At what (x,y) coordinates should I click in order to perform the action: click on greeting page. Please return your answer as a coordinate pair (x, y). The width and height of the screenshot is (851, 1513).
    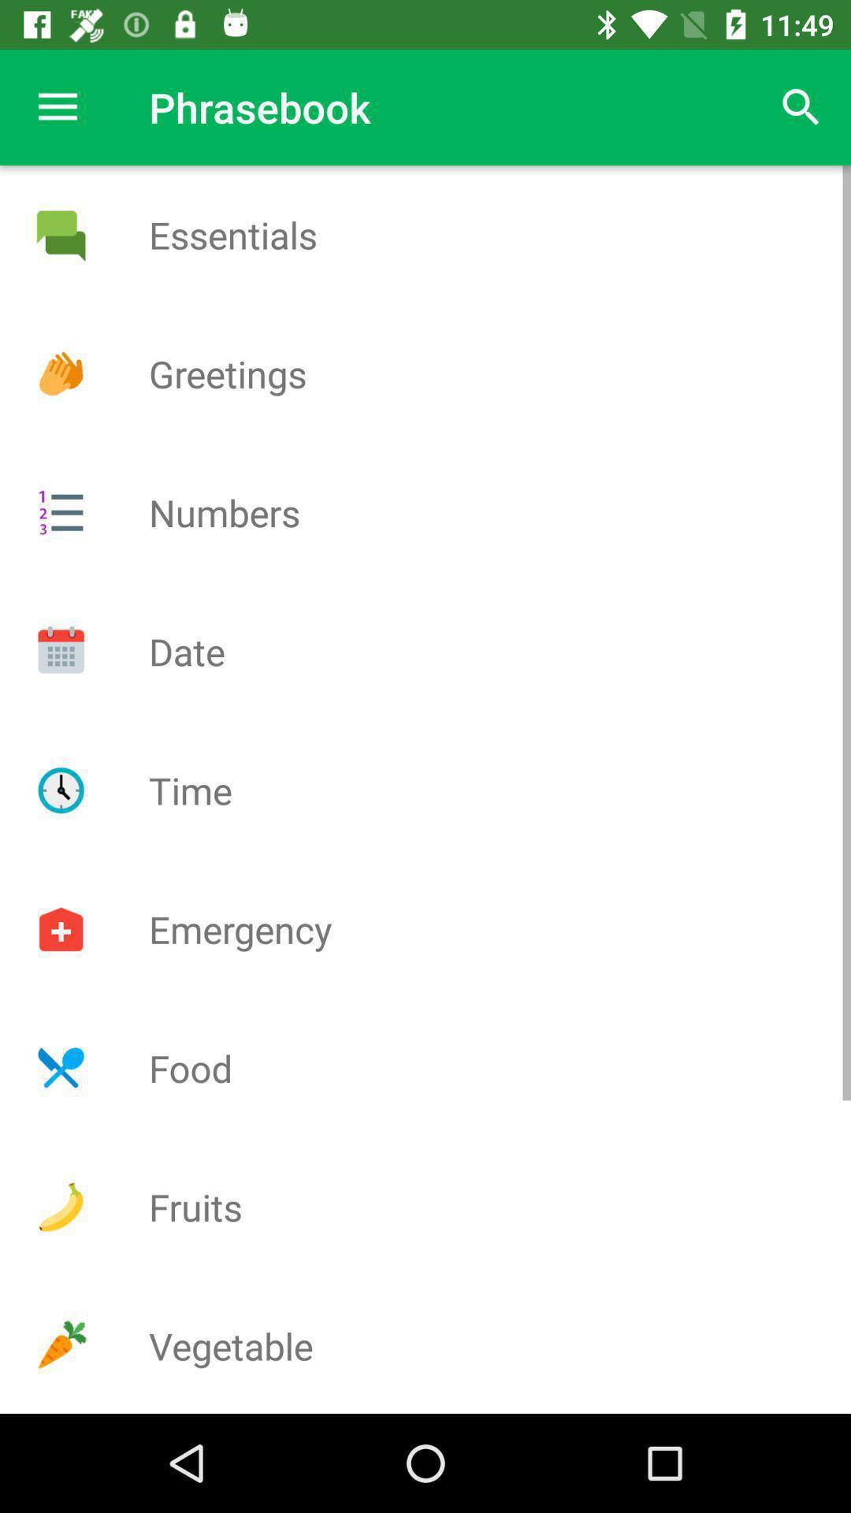
    Looking at the image, I should click on (60, 373).